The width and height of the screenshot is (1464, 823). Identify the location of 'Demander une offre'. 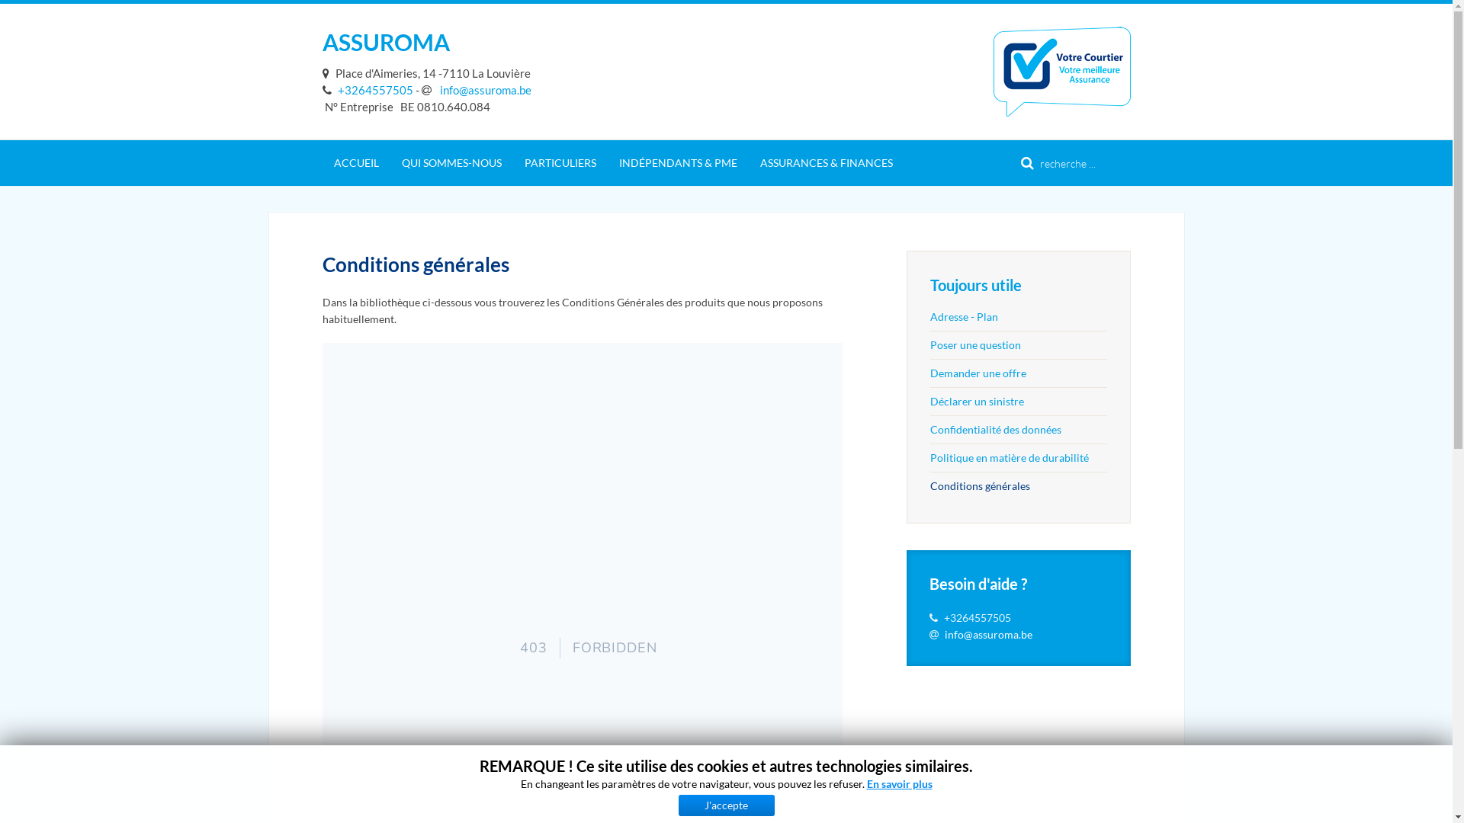
(1018, 373).